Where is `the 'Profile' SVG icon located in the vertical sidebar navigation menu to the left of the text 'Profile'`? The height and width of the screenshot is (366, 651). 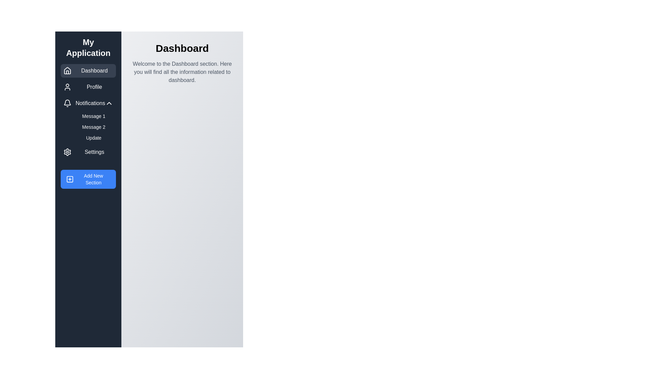 the 'Profile' SVG icon located in the vertical sidebar navigation menu to the left of the text 'Profile' is located at coordinates (67, 87).